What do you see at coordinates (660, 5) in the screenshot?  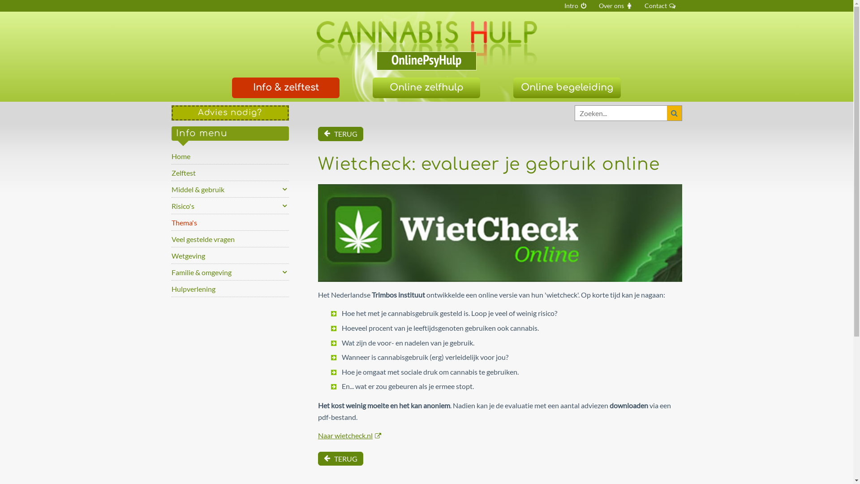 I see `'Contact'` at bounding box center [660, 5].